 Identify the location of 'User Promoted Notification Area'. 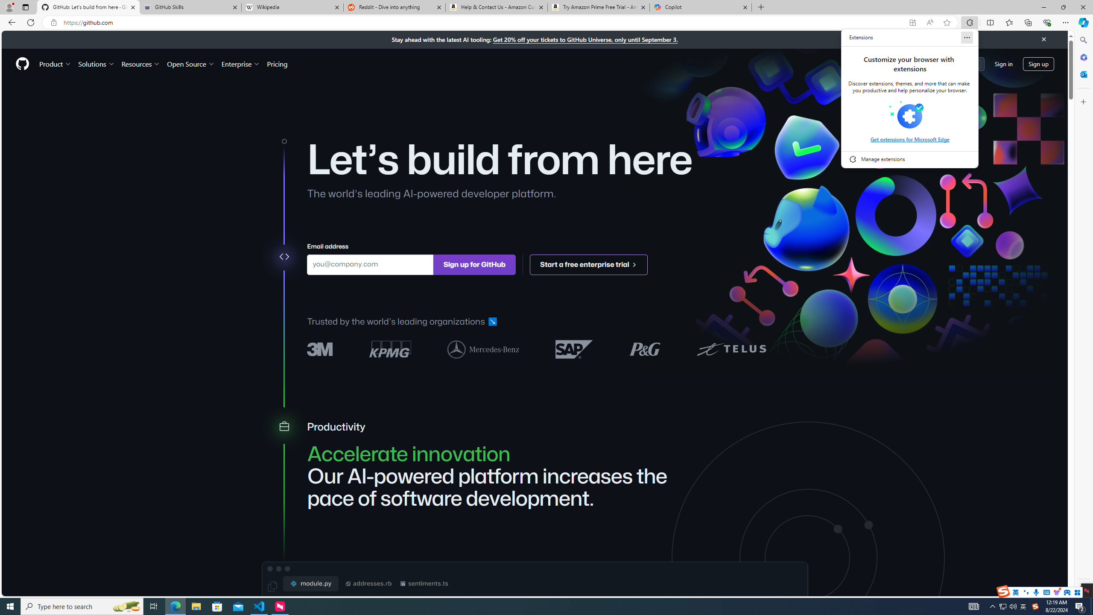
(1008, 606).